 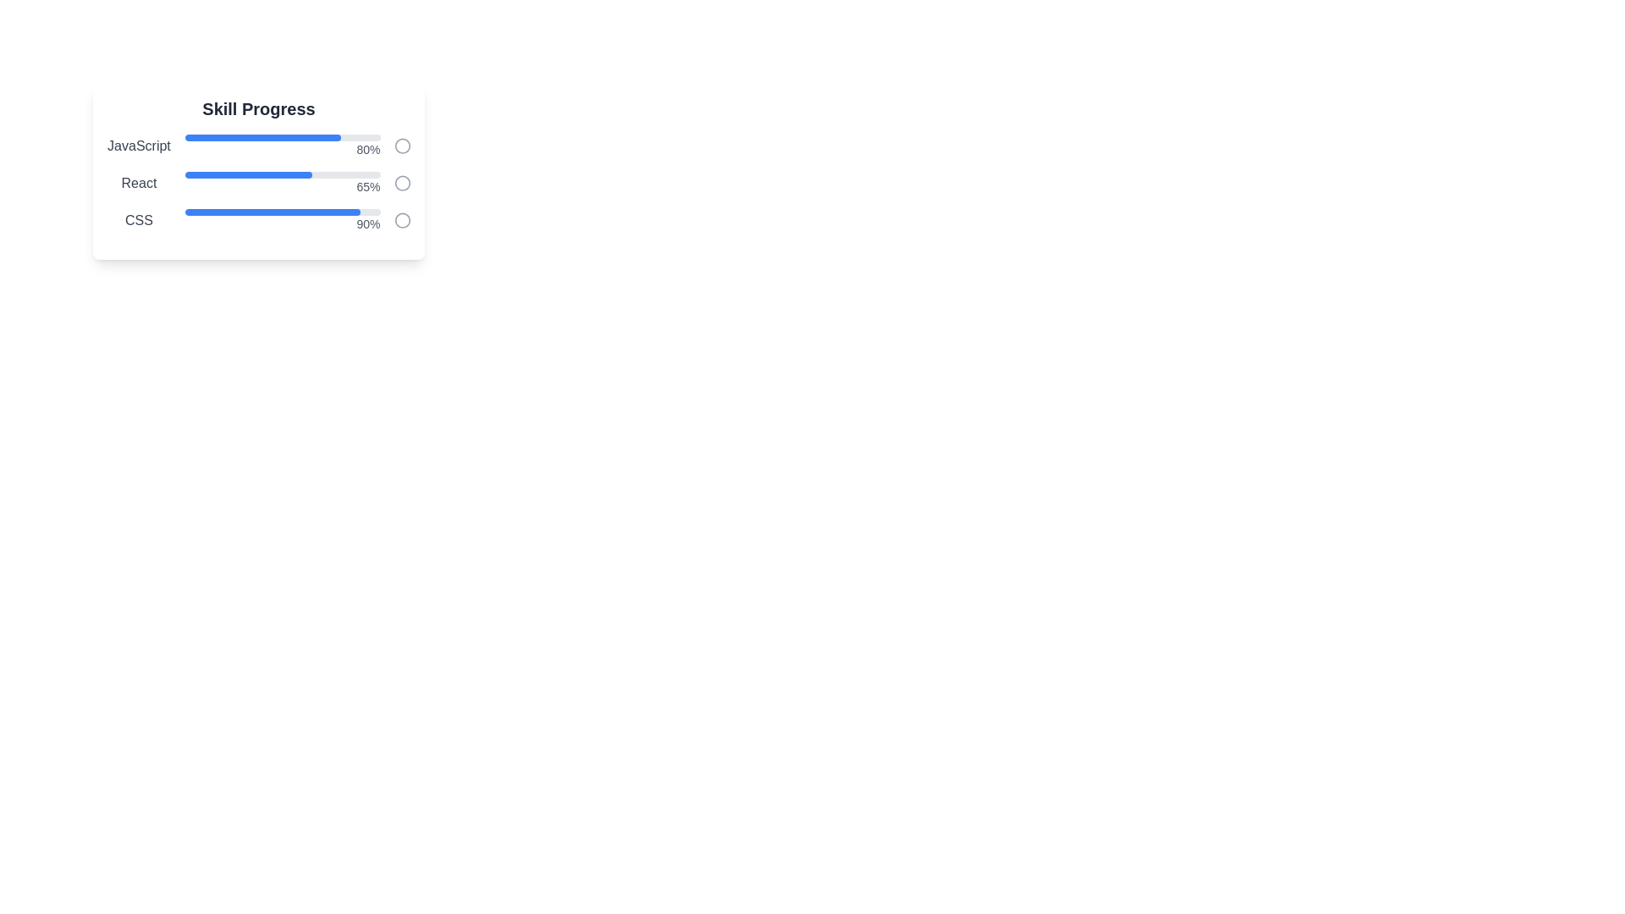 What do you see at coordinates (401, 220) in the screenshot?
I see `the circular icon with a gray outline located at the end of the 'CSS' skill progress row` at bounding box center [401, 220].